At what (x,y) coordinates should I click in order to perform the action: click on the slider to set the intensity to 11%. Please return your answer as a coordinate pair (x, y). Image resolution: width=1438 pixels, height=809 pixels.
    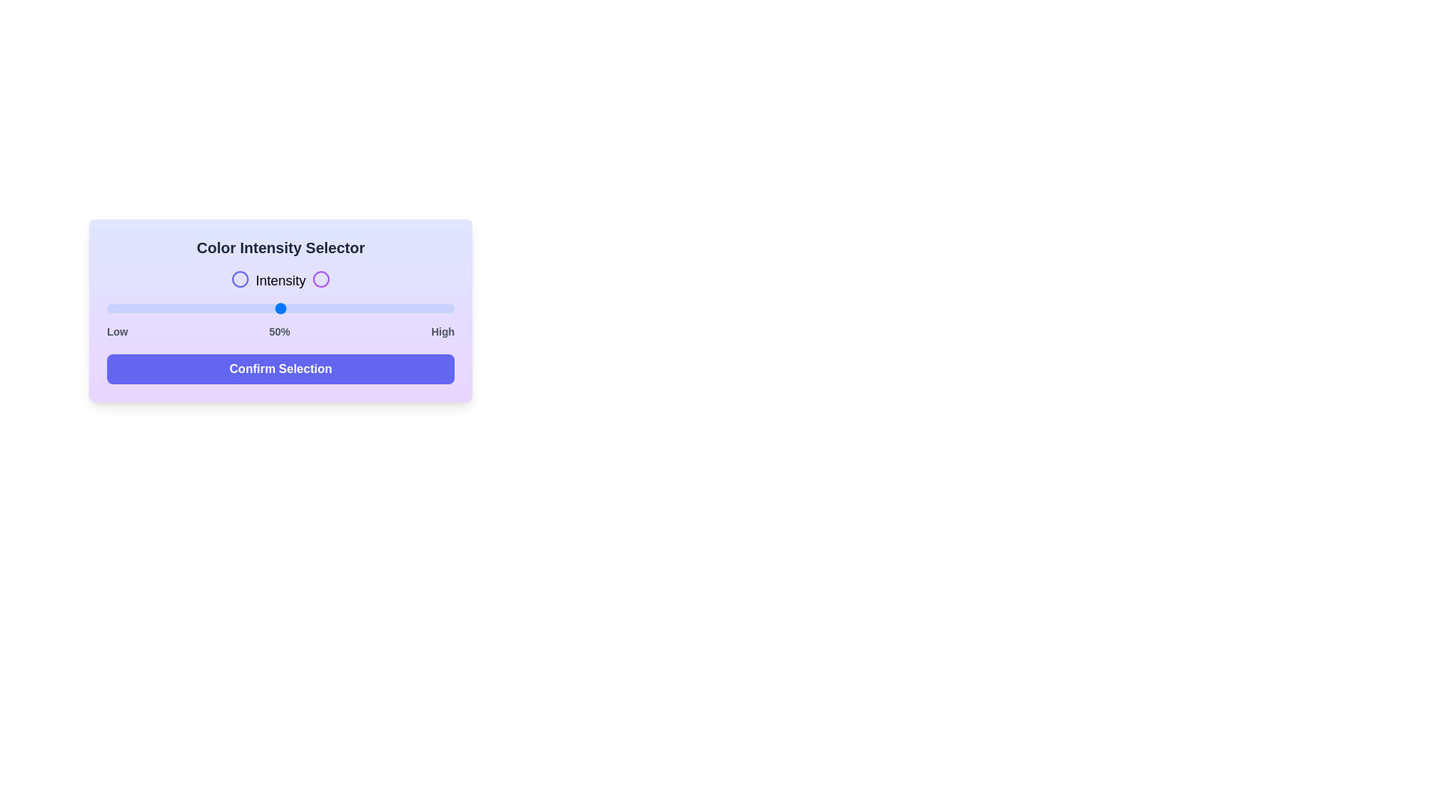
    Looking at the image, I should click on (145, 308).